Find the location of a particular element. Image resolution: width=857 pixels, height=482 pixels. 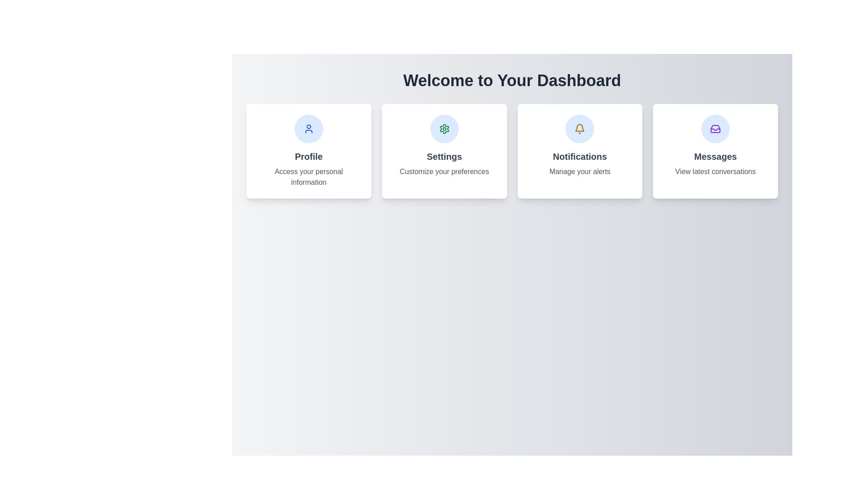

the user profile icon located at the center of the 'Profile' card in the dashboard is located at coordinates (308, 129).